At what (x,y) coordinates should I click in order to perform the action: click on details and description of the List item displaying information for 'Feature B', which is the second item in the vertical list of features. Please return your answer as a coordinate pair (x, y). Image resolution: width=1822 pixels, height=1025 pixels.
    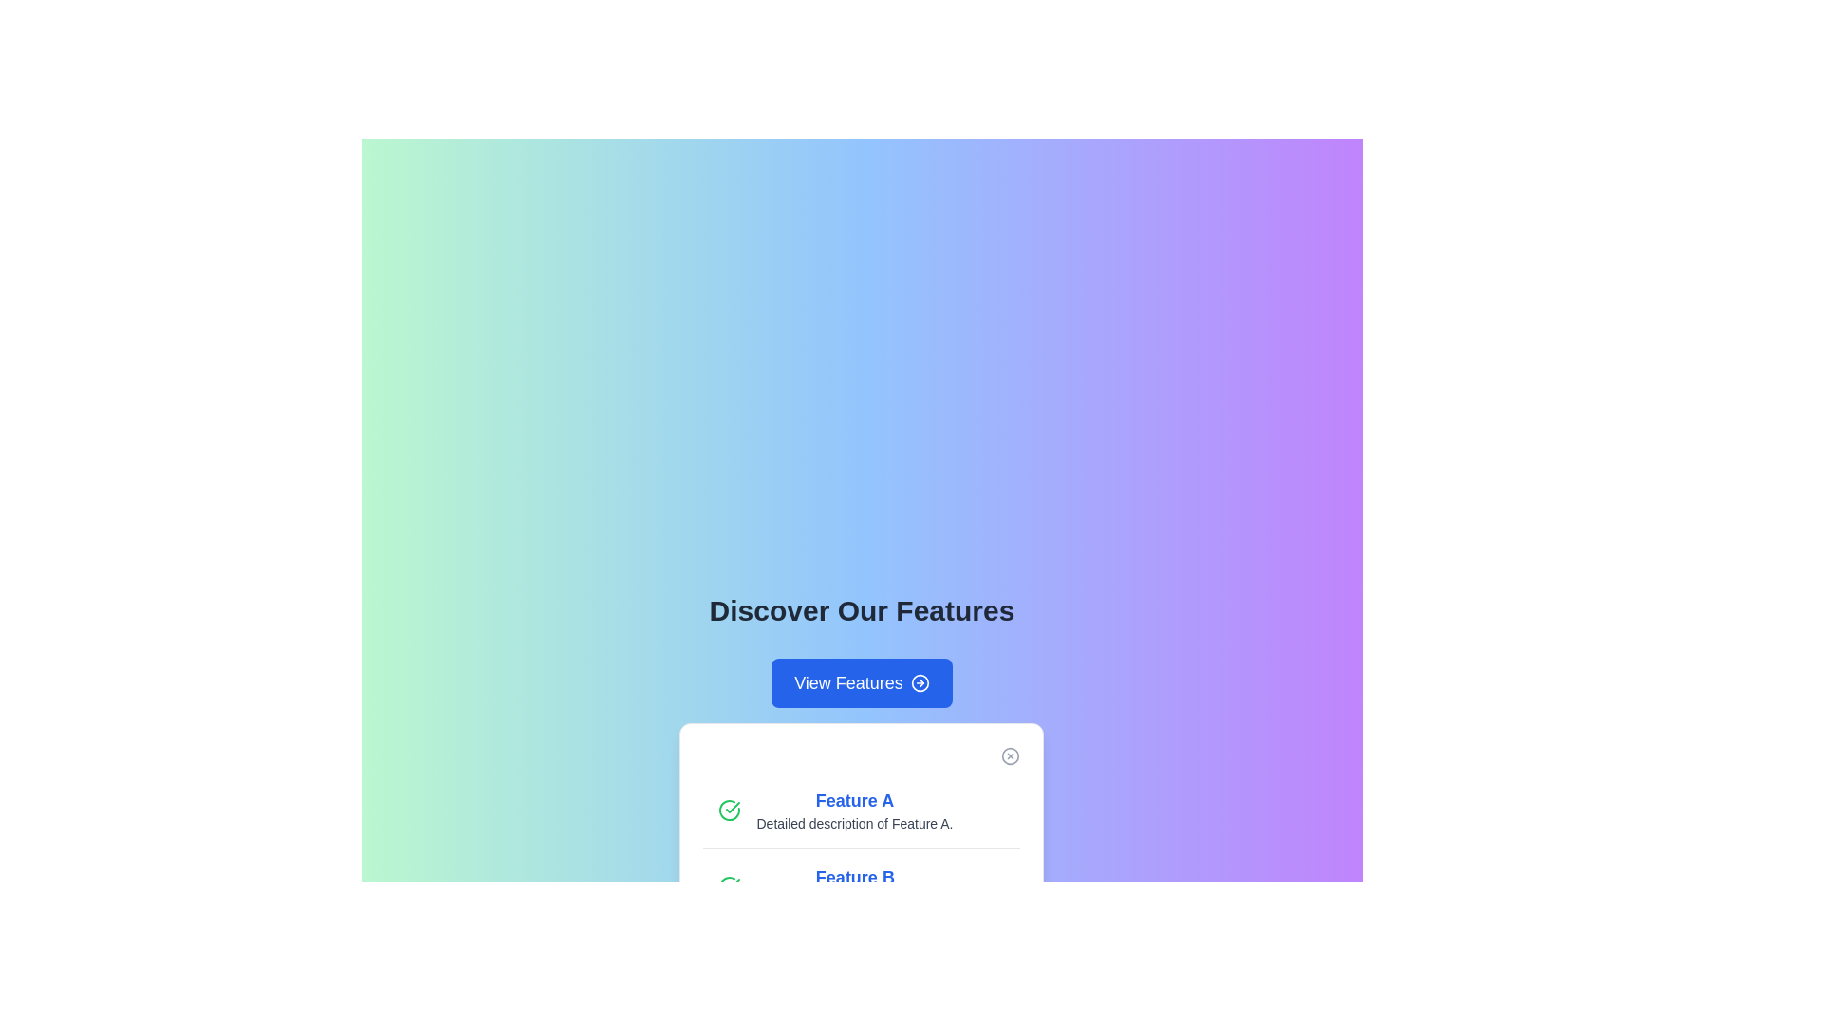
    Looking at the image, I should click on (861, 887).